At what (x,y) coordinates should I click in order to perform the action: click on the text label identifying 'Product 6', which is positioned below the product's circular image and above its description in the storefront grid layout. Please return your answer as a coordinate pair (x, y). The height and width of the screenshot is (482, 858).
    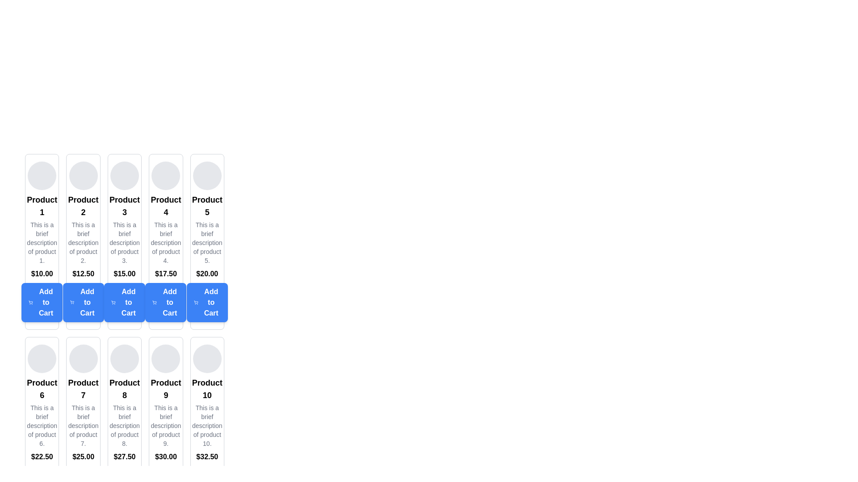
    Looking at the image, I should click on (42, 388).